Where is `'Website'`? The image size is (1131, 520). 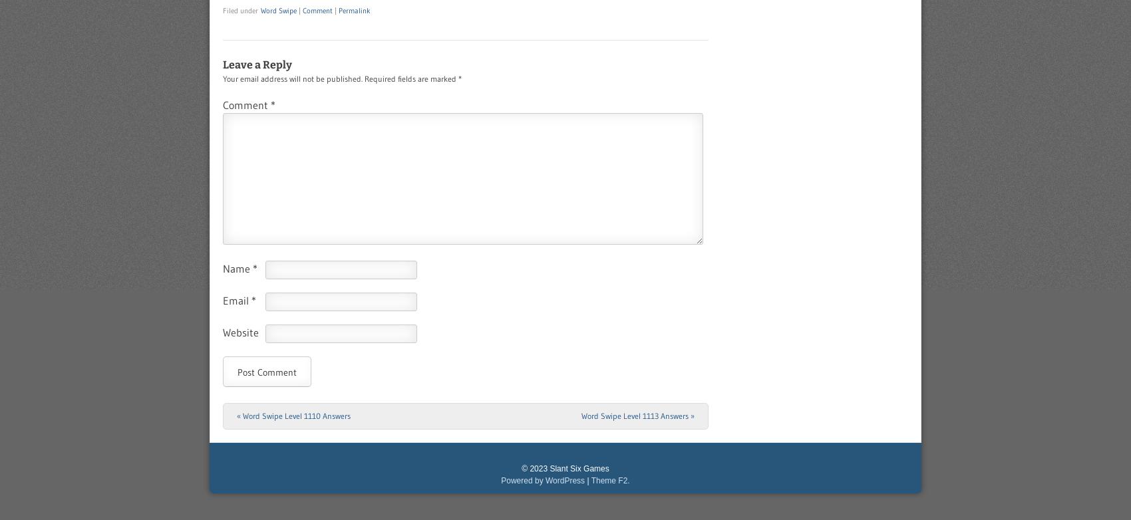
'Website' is located at coordinates (240, 332).